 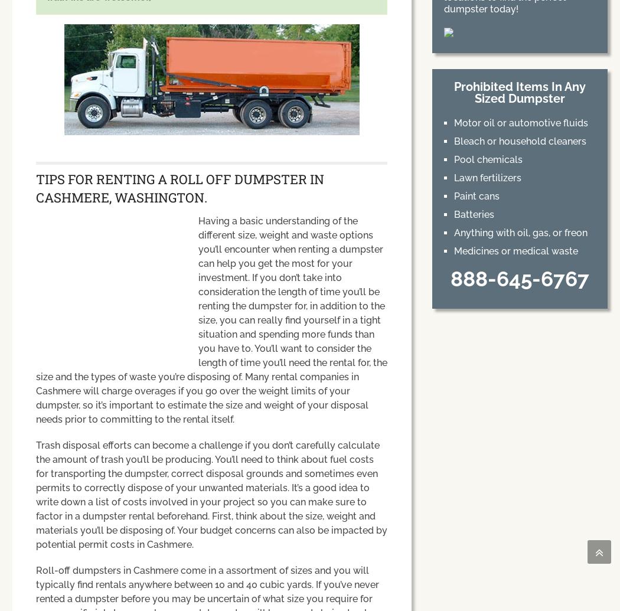 I want to click on 'Having a basic understanding of the different size, weight and waste options you’ll encounter when renting a dumpster can help you get the most for your investment. If you don’t take into consideration the length of time you’ll be renting the dumpster for, in addition to the size, you can really find yourself in a tight situation and spending more funds than you have to. You’ll want to consider the length of time you’ll need the rental for, the size and the types of waste you’re disposing of. Many rental companies in Cashmere will charge overages if you go over the weight limits of your dumpster, so it’s important to estimate the size and weight of your disposal needs prior to committing to the rental itself.', so click(x=211, y=319).